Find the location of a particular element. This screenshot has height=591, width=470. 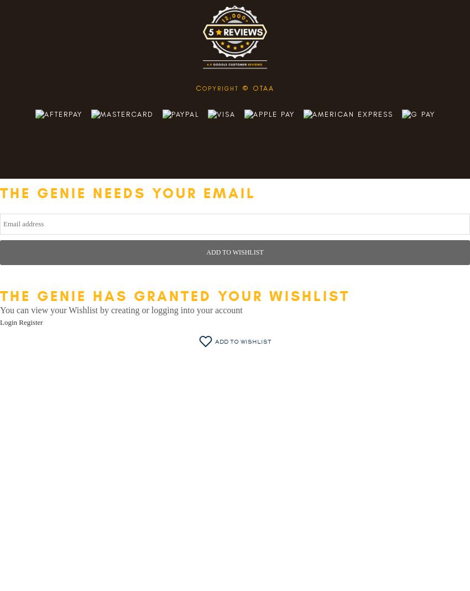

'opyright' is located at coordinates (220, 89).